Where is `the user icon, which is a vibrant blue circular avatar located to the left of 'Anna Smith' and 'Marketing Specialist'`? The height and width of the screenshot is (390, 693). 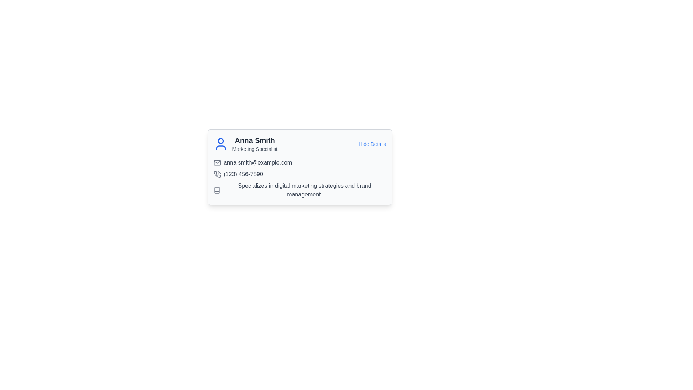 the user icon, which is a vibrant blue circular avatar located to the left of 'Anna Smith' and 'Marketing Specialist' is located at coordinates (220, 144).